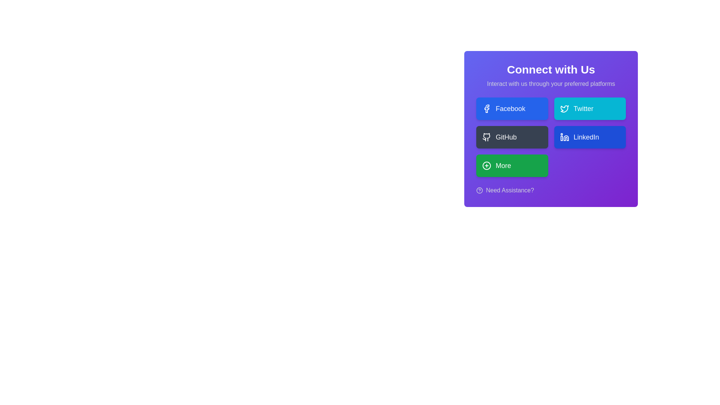 Image resolution: width=720 pixels, height=405 pixels. I want to click on the help or support link located at the bottom of the 'Connect with Us' section, so click(551, 190).